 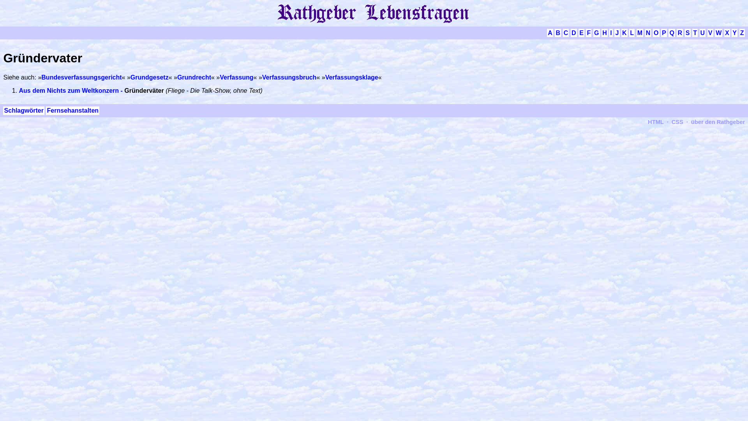 What do you see at coordinates (131, 77) in the screenshot?
I see `'Grundgesetz'` at bounding box center [131, 77].